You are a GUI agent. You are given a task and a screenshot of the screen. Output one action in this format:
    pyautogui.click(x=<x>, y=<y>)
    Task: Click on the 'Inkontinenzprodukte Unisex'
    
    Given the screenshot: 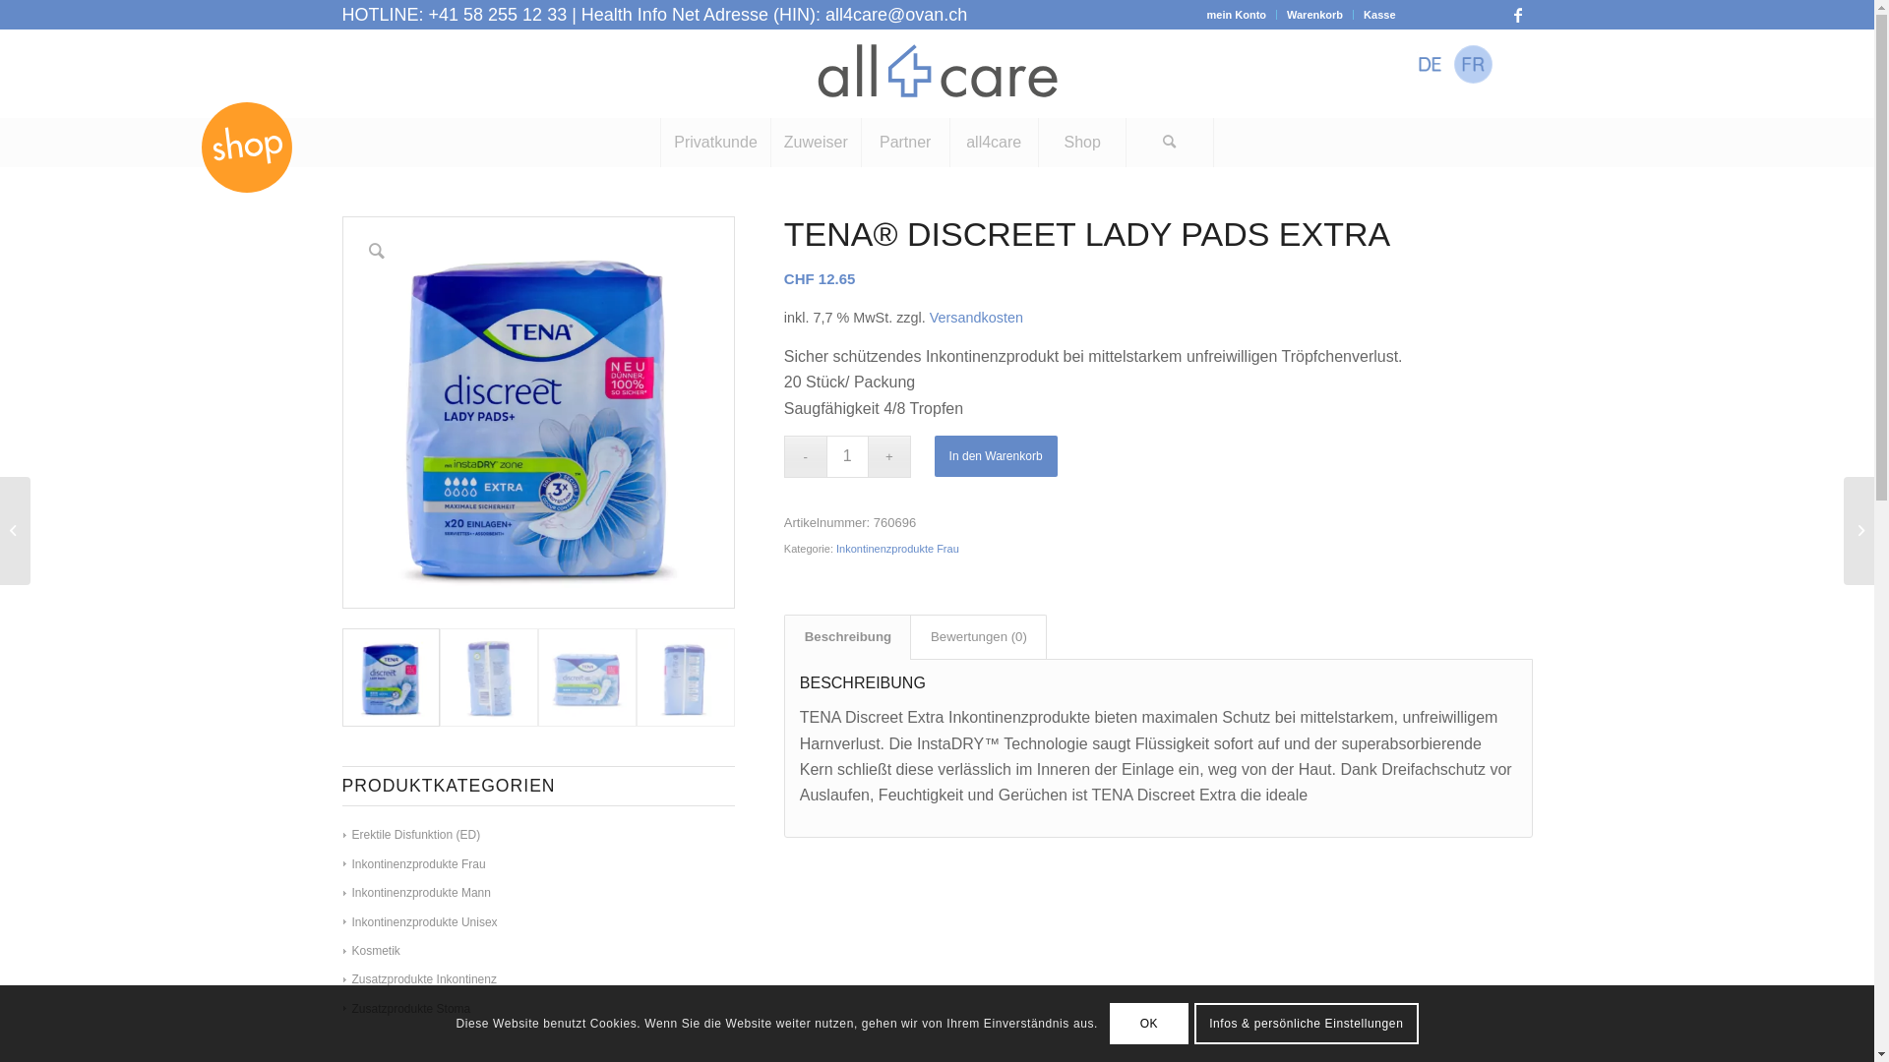 What is the action you would take?
    pyautogui.click(x=418, y=921)
    